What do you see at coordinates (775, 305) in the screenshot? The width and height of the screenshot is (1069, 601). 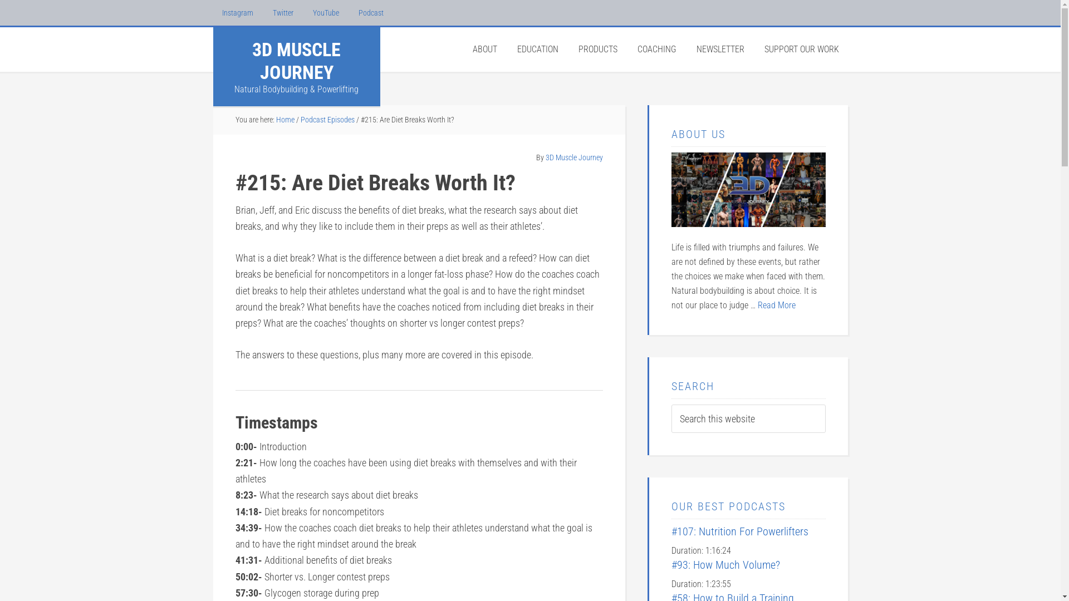 I see `'Read More'` at bounding box center [775, 305].